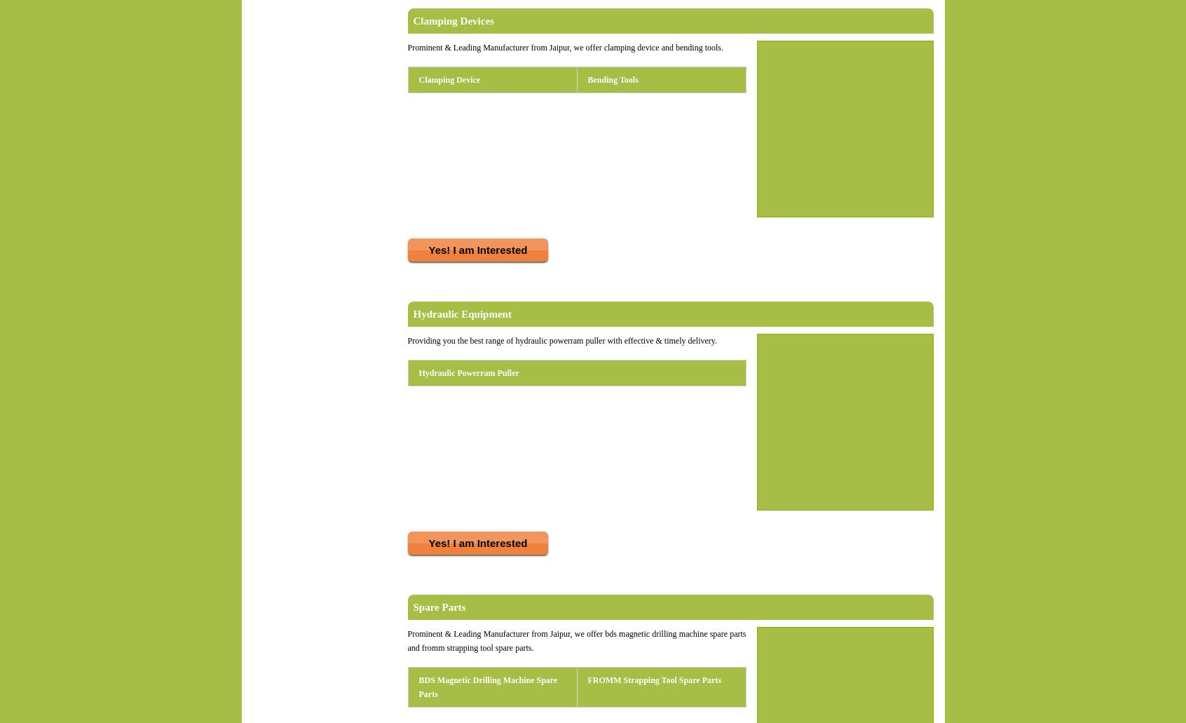  I want to click on 'Bending Tools', so click(587, 79).